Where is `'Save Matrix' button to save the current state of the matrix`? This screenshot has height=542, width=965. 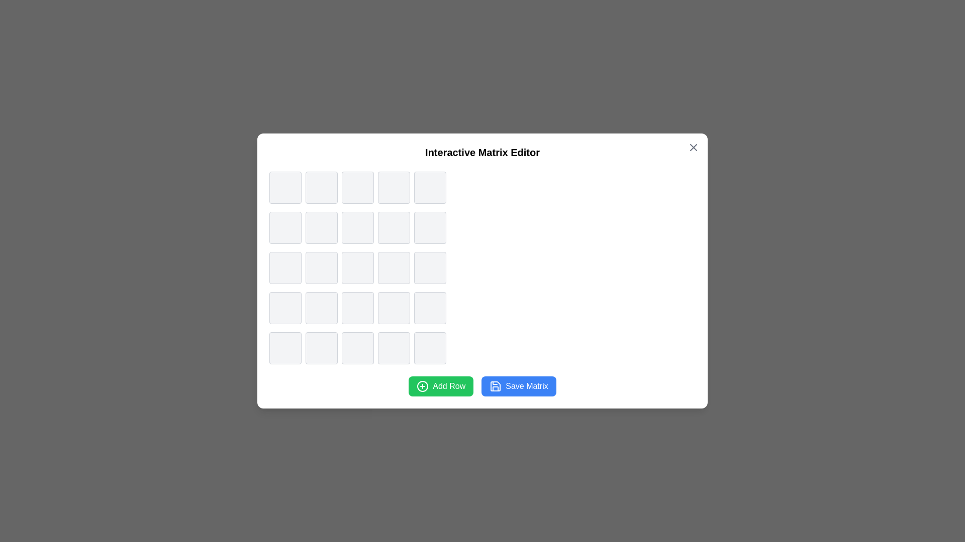 'Save Matrix' button to save the current state of the matrix is located at coordinates (519, 386).